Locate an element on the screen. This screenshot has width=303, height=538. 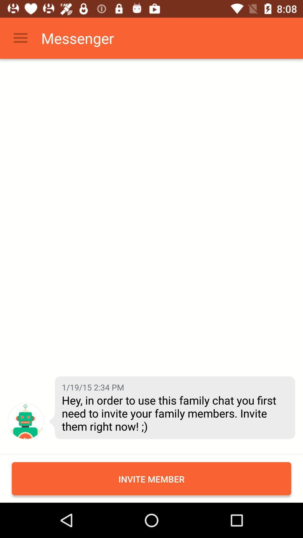
the hey in order icon is located at coordinates (174, 413).